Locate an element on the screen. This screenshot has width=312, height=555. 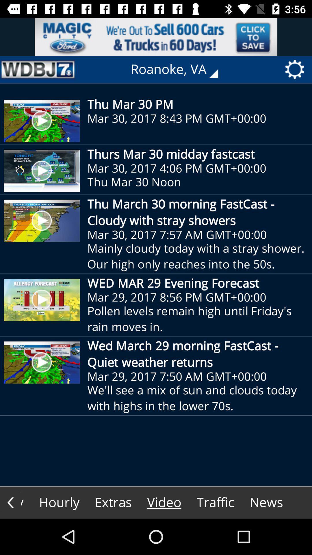
icon to the left of roanoke, va is located at coordinates (38, 69).